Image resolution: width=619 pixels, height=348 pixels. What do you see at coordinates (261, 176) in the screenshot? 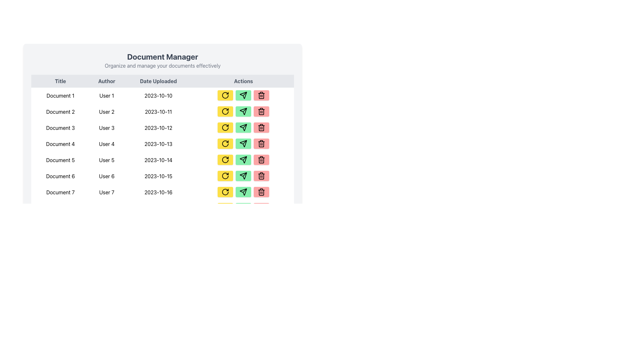
I see `the trash bin icon in the 'Actions' column of the 'Document Manager' interface` at bounding box center [261, 176].